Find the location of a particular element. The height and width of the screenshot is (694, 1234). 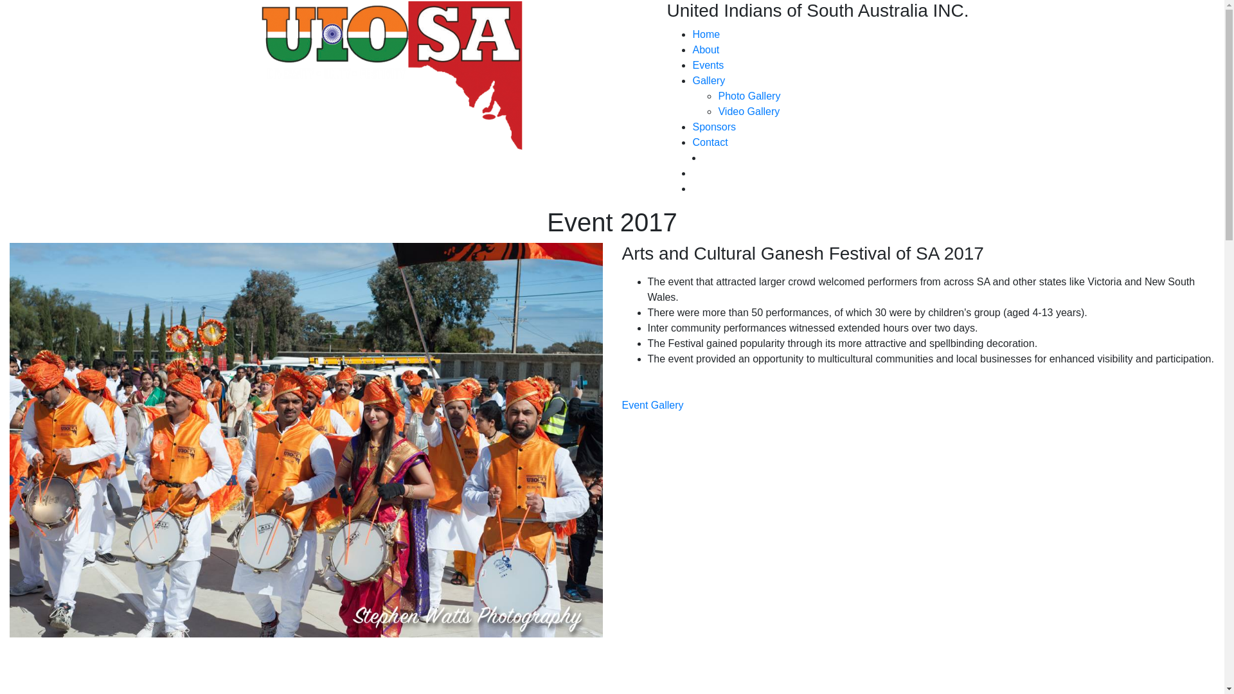

'Photo Gallery' is located at coordinates (749, 95).